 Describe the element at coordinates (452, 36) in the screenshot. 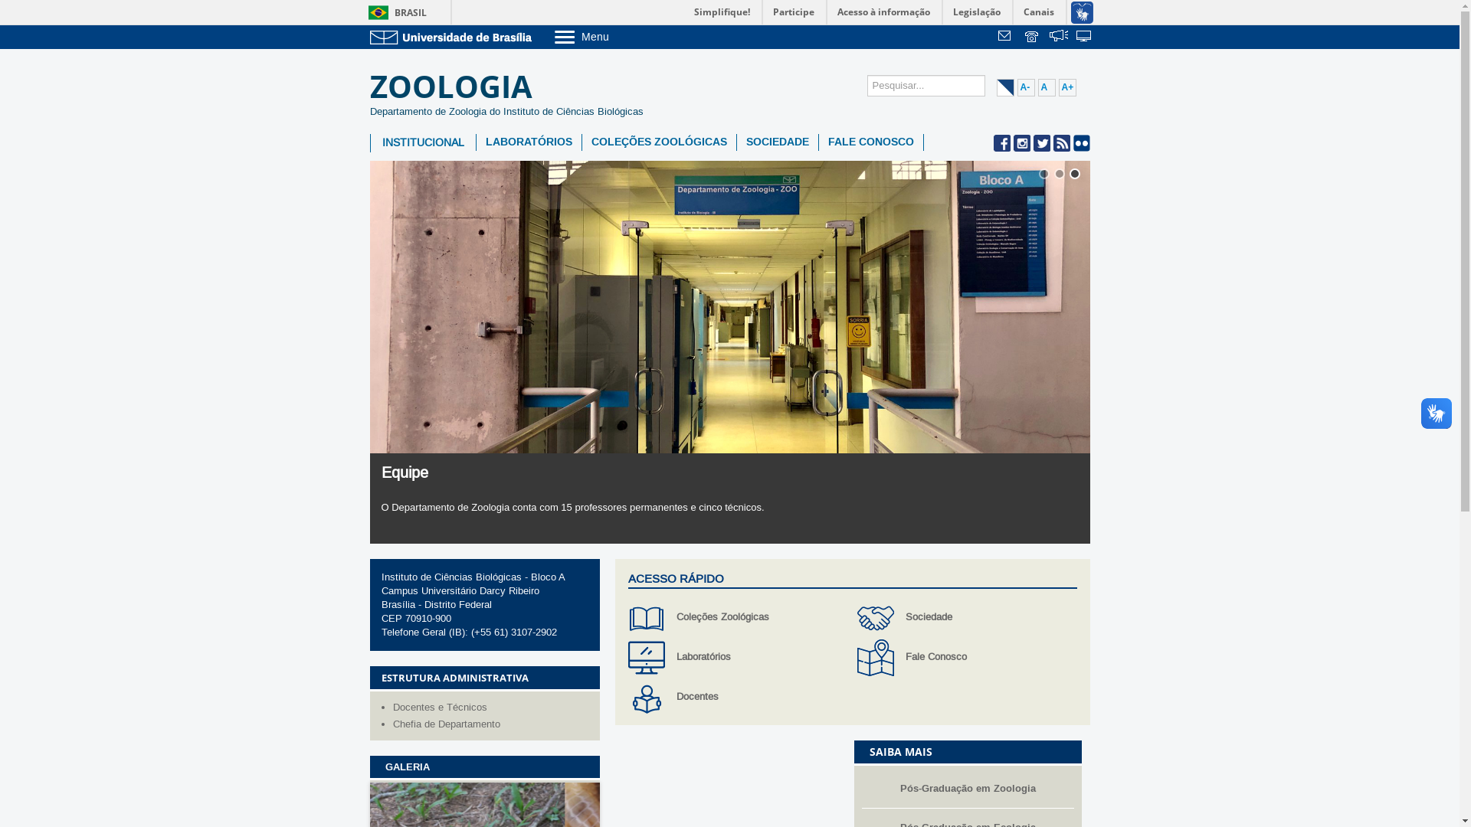

I see `'Ir para o Portal da UnB'` at that location.